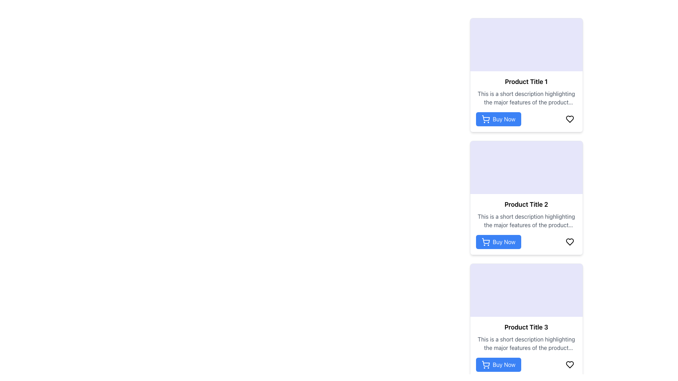 The width and height of the screenshot is (678, 381). What do you see at coordinates (526, 327) in the screenshot?
I see `text from the product title label located in the bottom-right card of the three-row vertical arrangement of product cards` at bounding box center [526, 327].